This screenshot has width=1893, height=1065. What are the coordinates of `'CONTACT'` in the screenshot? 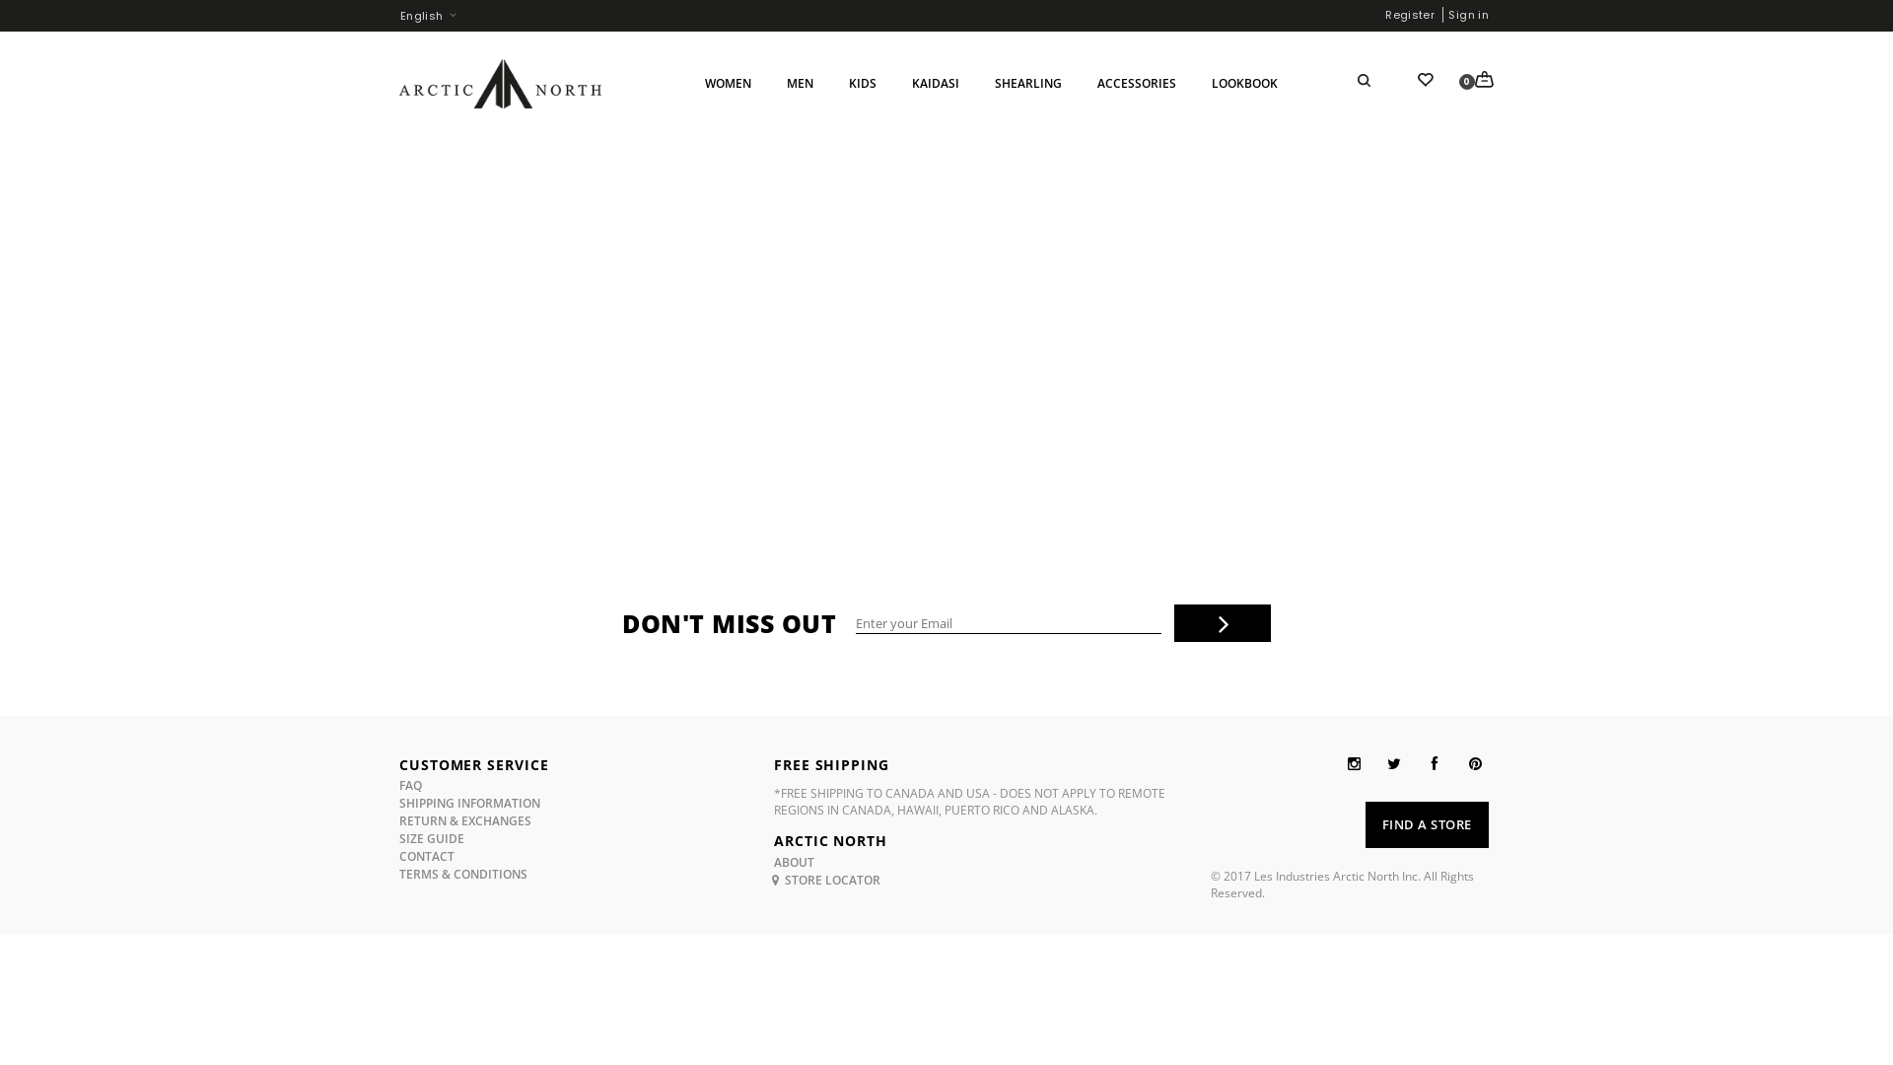 It's located at (425, 855).